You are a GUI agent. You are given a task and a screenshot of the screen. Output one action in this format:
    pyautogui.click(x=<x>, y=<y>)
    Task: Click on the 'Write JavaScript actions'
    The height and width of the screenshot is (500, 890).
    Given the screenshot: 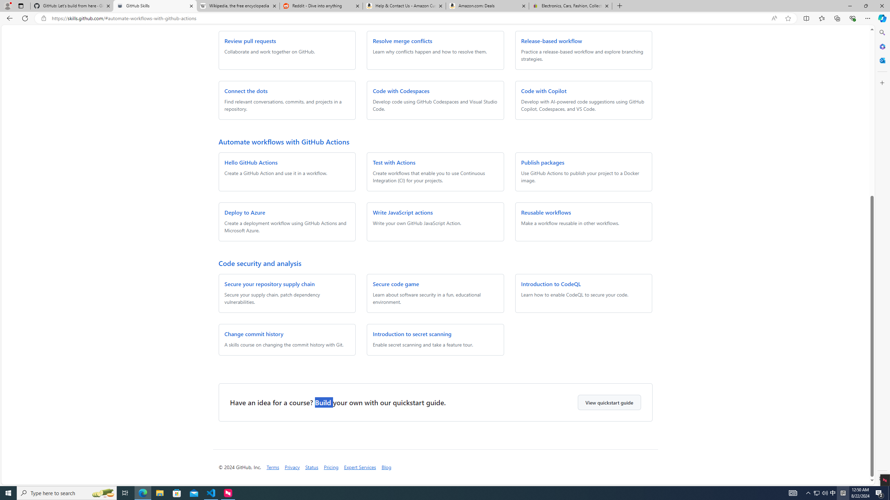 What is the action you would take?
    pyautogui.click(x=402, y=212)
    